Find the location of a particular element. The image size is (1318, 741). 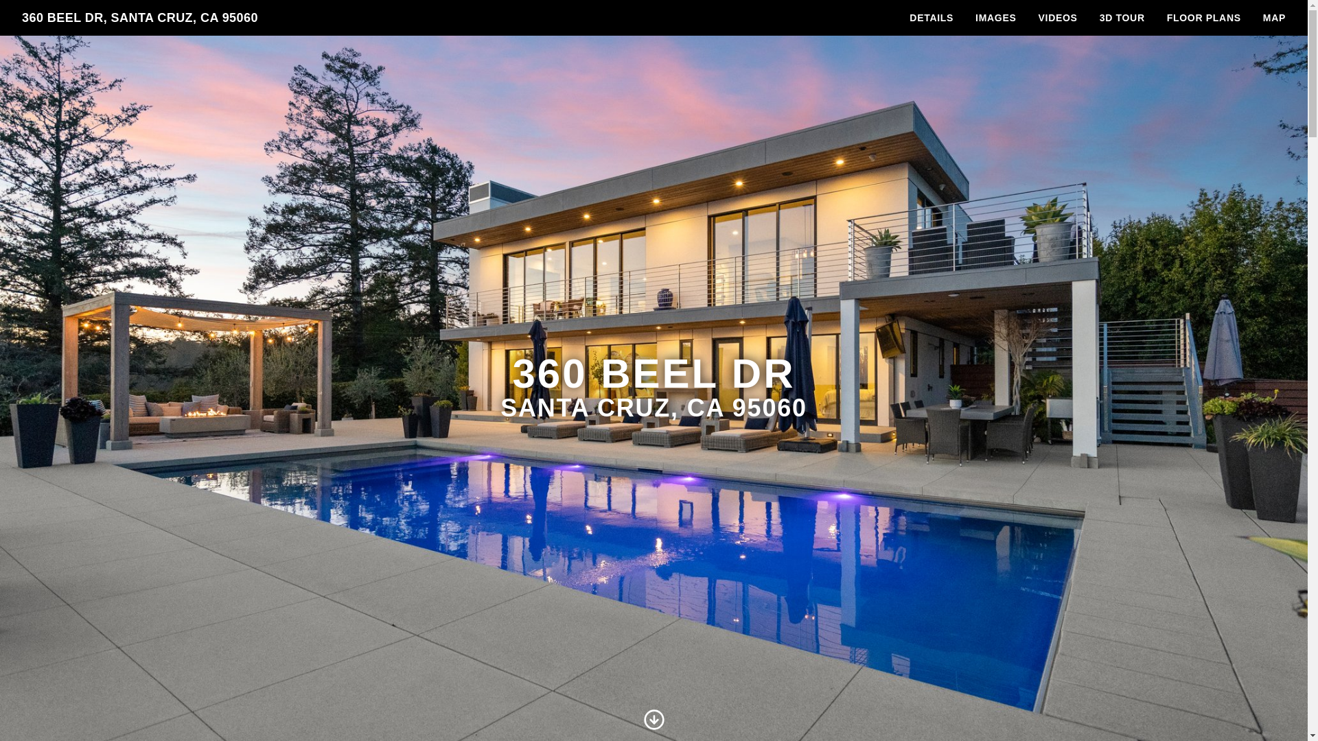

'IMAGES' is located at coordinates (995, 18).